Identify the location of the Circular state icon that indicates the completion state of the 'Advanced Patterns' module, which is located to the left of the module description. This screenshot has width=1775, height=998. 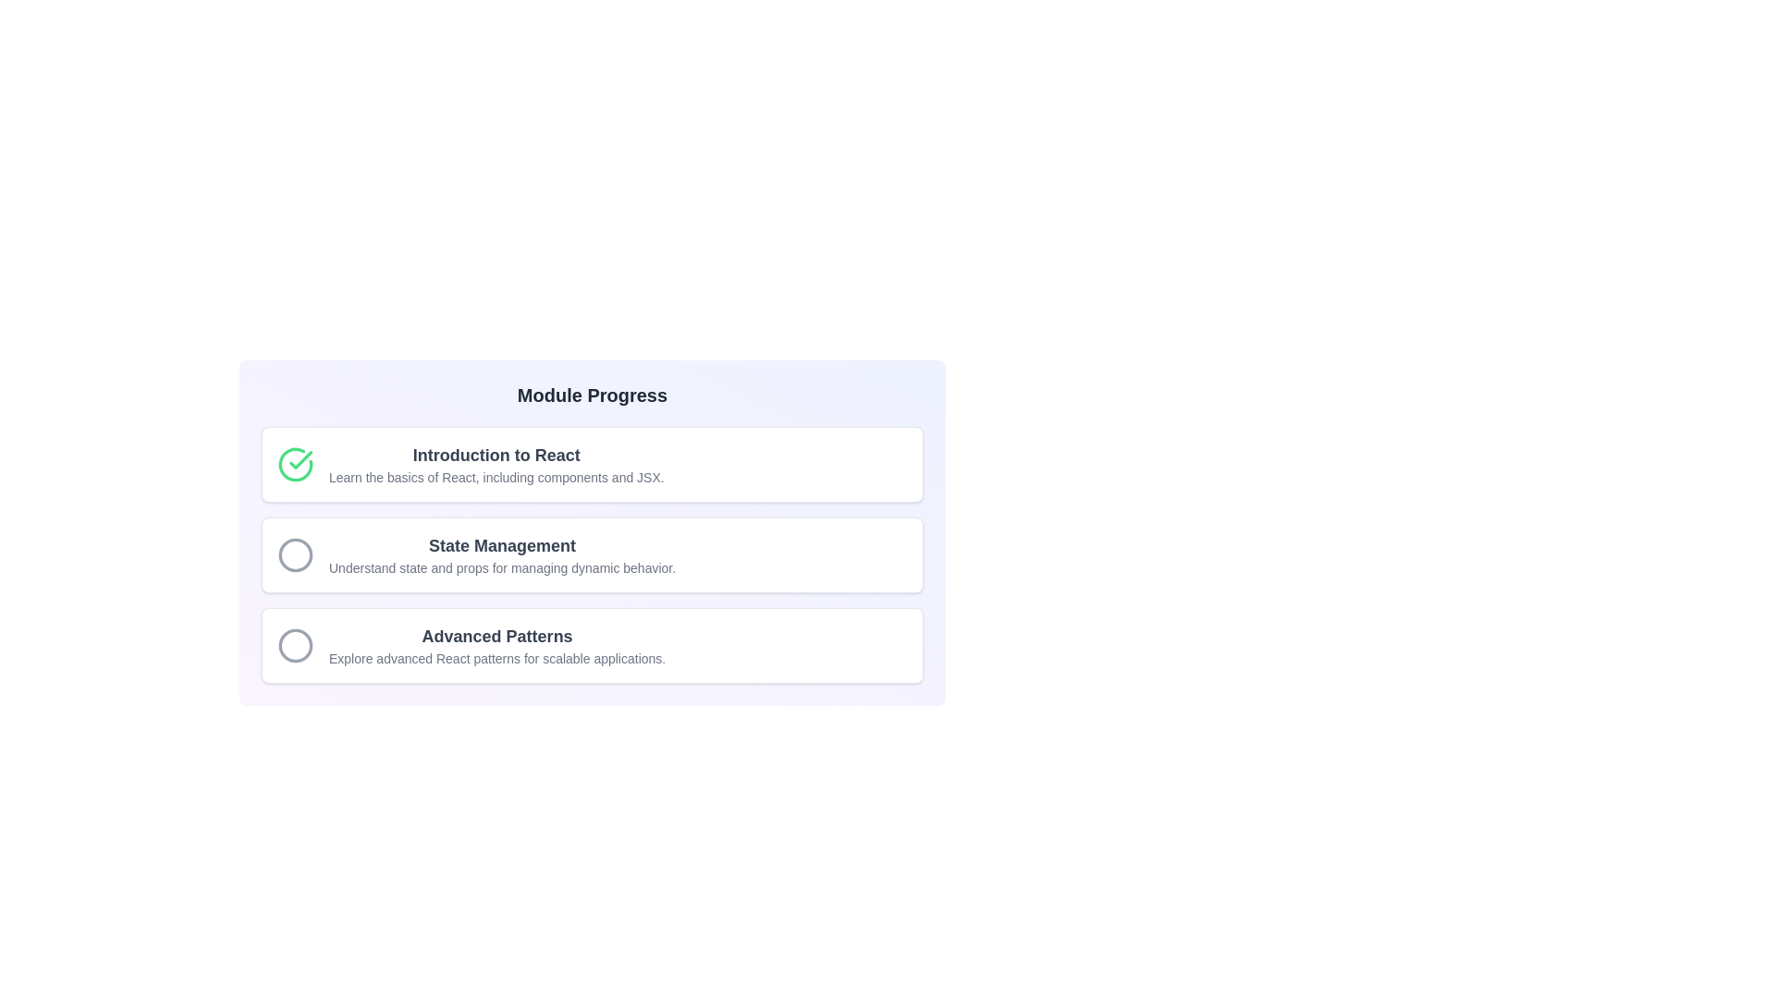
(296, 644).